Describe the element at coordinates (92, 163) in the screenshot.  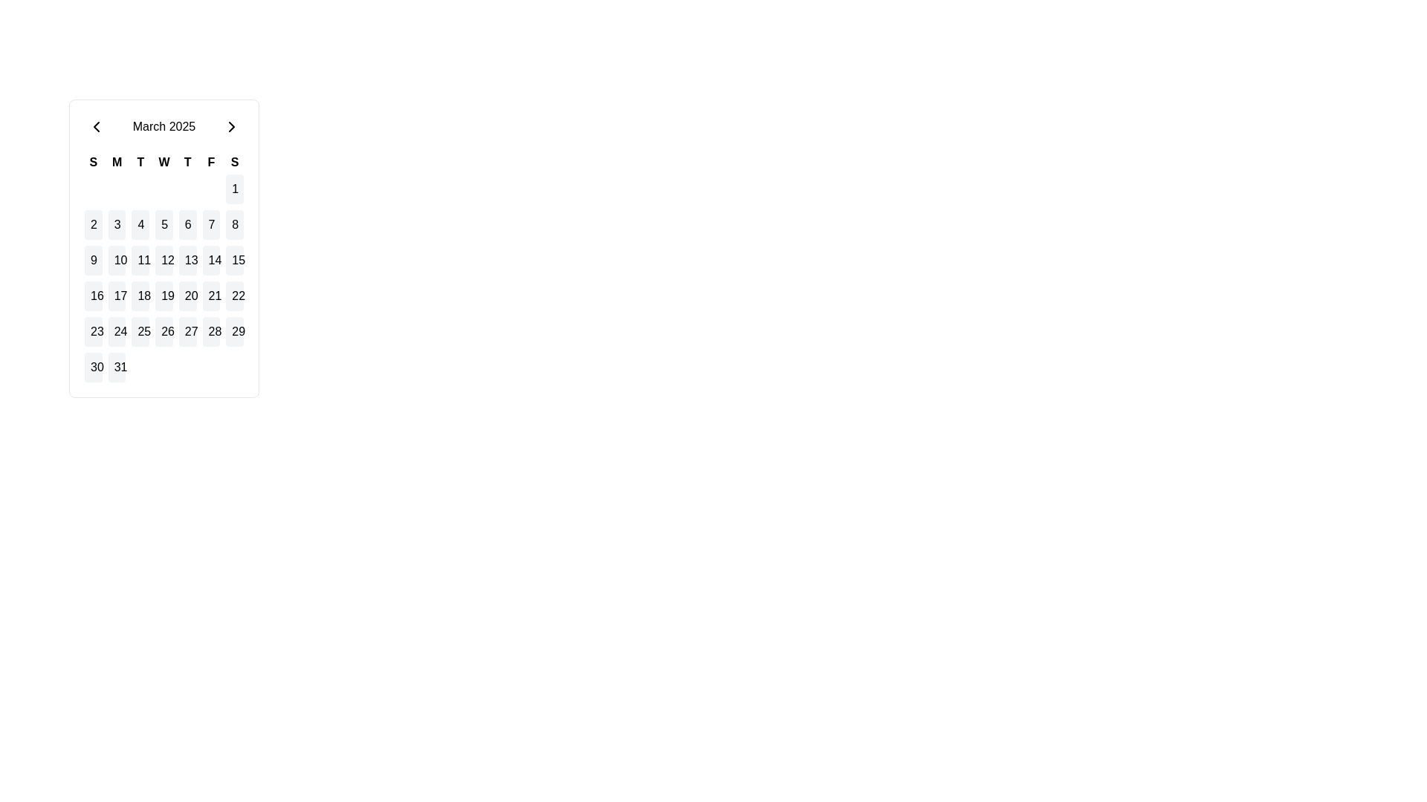
I see `the header for Sundays in the calendar, which is the first element in the row of day initials` at that location.